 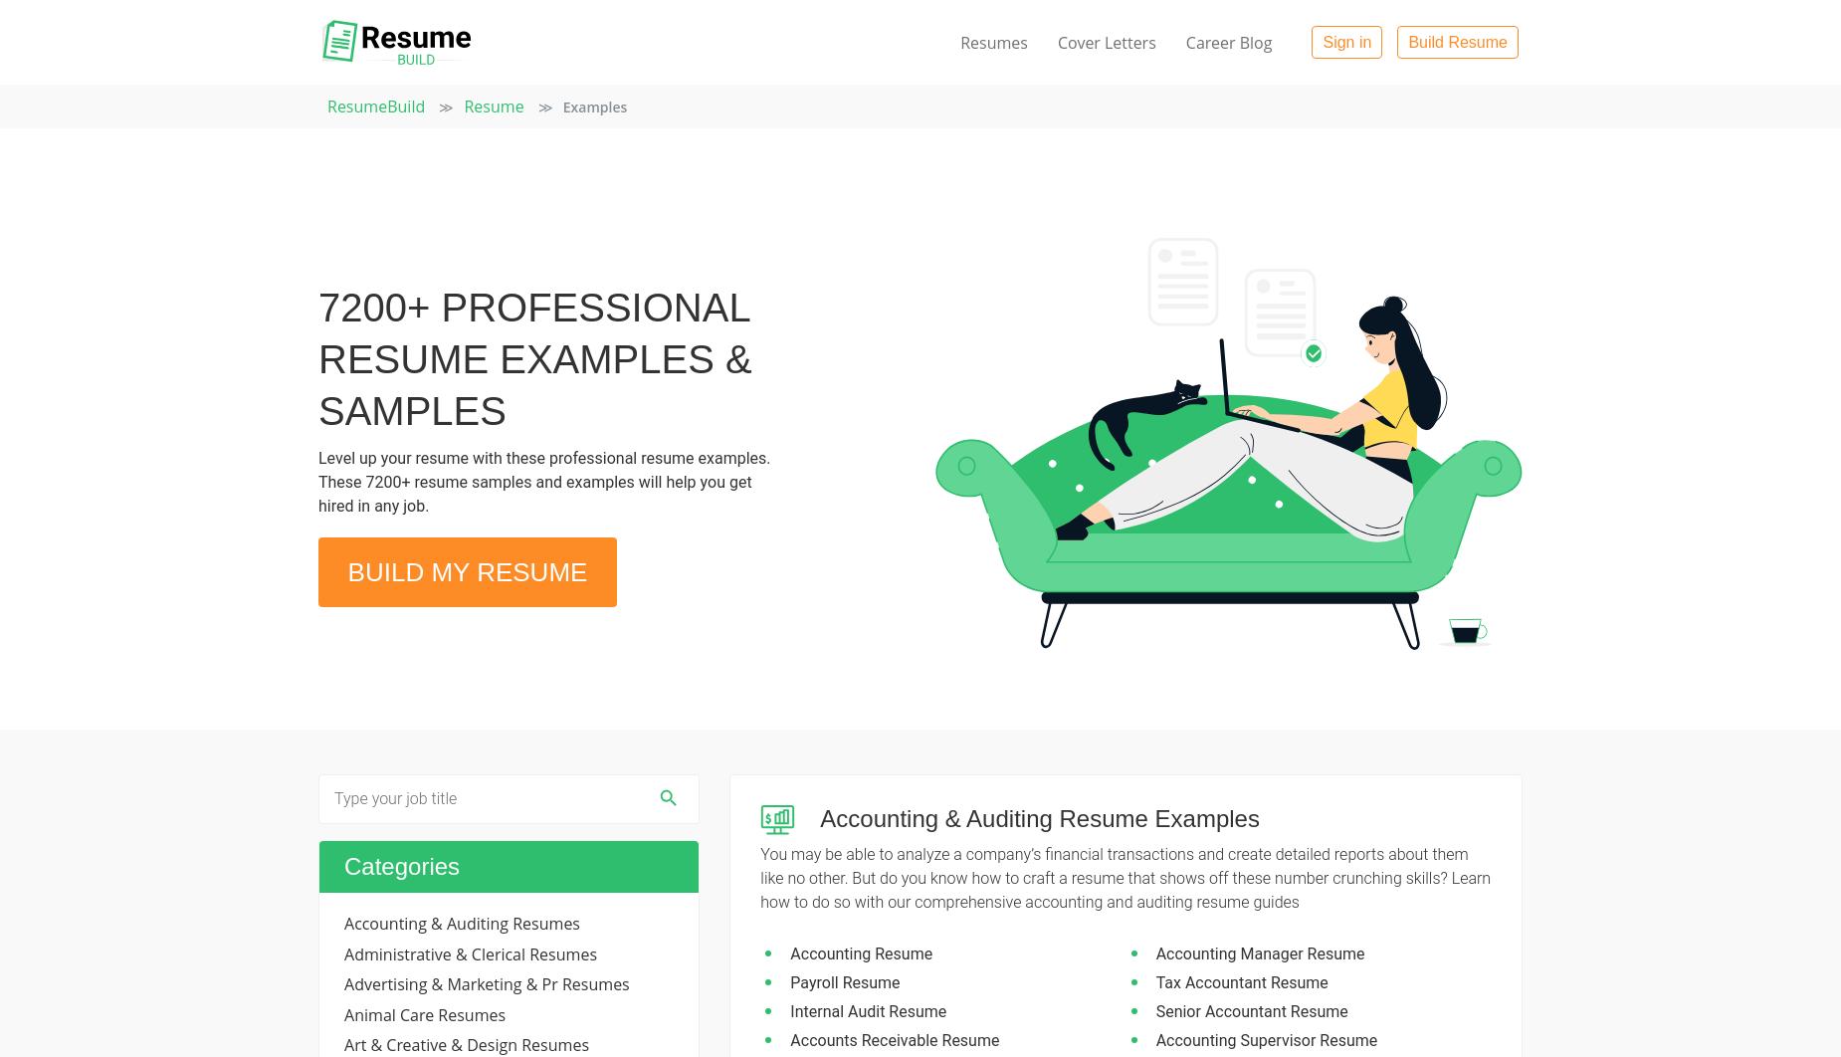 I want to click on 'administrative & clerical resumes', so click(x=471, y=952).